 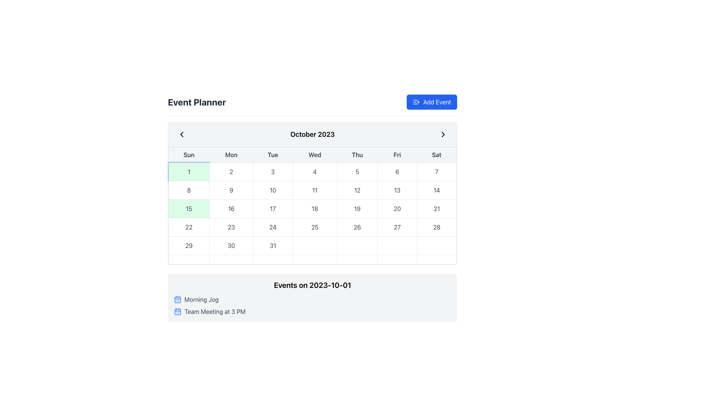 What do you see at coordinates (436, 155) in the screenshot?
I see `the label displaying 'Sat', which is styled with a bold font and light gray background, located in the top-right corner of the days of the week above the Saturday column in the calendar grid` at bounding box center [436, 155].